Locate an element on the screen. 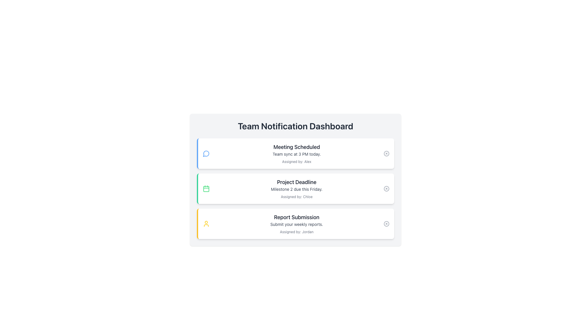  the title element in the second section of the dashboard list that provides information about the project deadline, located above 'Milestone 2 due this Friday.' is located at coordinates (297, 182).